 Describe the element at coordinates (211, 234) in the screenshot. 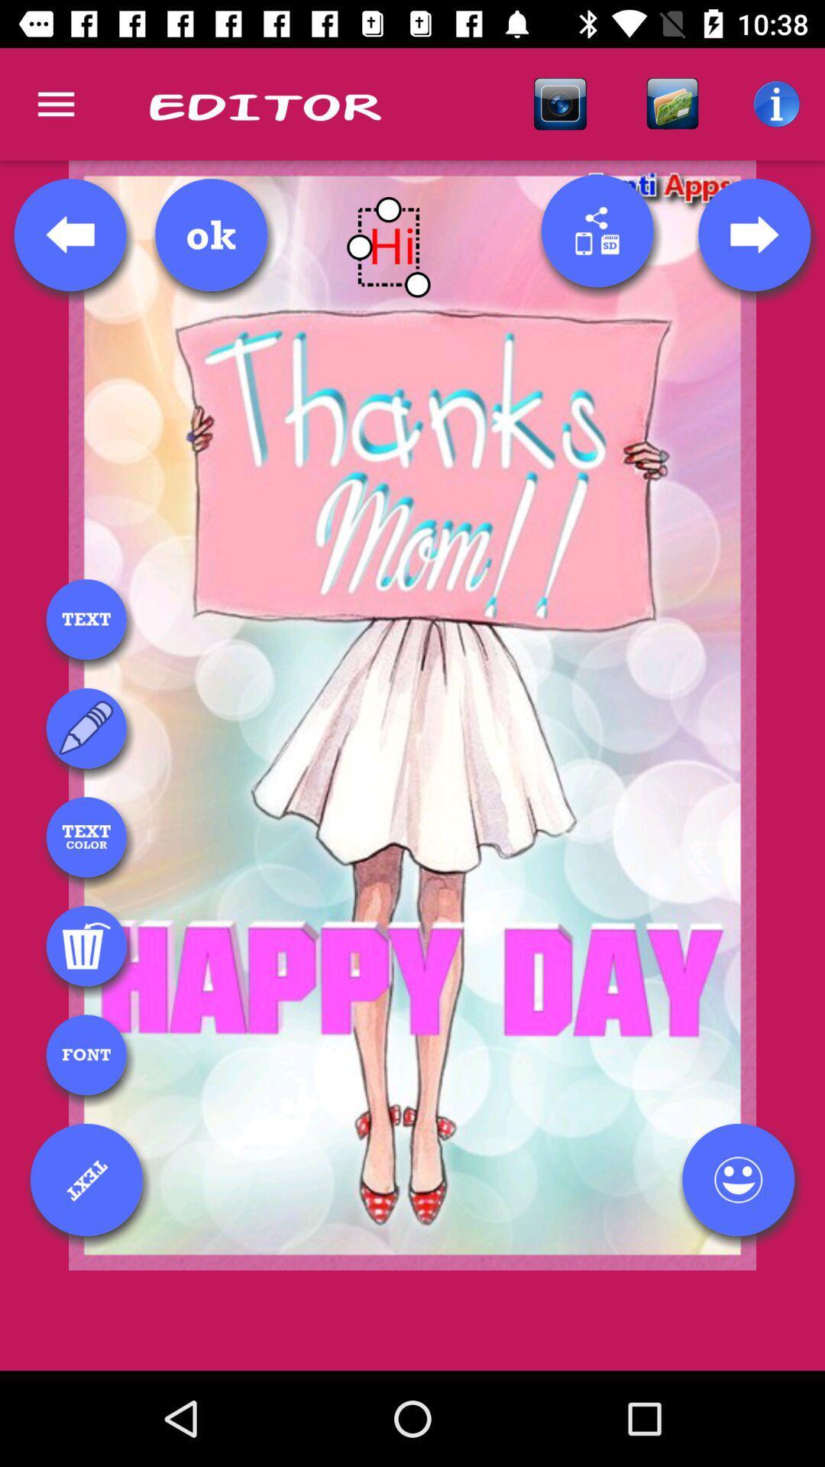

I see `hit to save` at that location.